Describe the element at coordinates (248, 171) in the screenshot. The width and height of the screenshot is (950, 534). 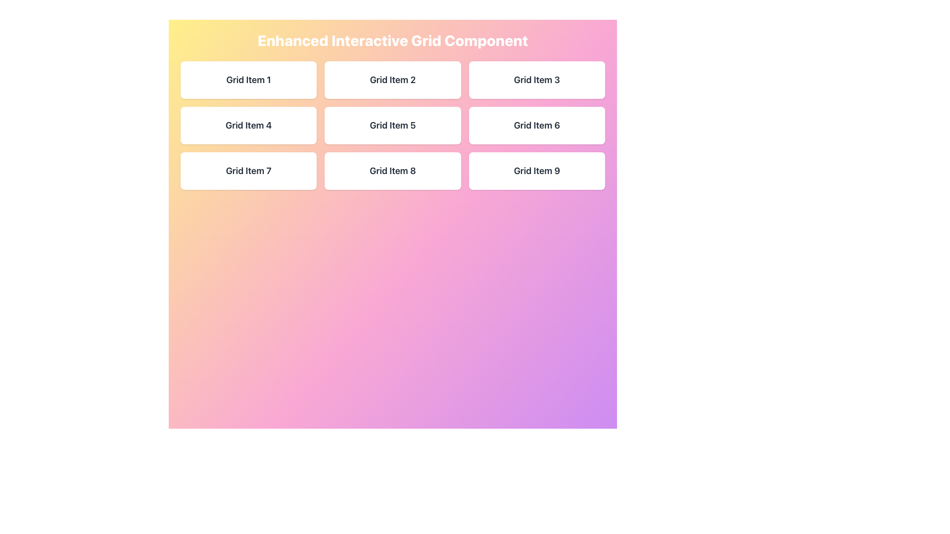
I see `the button labeled 'Grid Item 7', which is a white rectangular box with rounded corners and dark gray text` at that location.